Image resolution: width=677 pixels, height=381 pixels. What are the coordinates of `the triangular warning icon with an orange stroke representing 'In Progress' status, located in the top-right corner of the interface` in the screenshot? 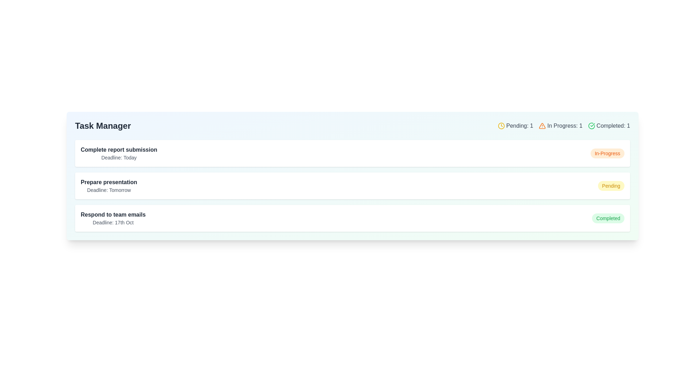 It's located at (542, 125).